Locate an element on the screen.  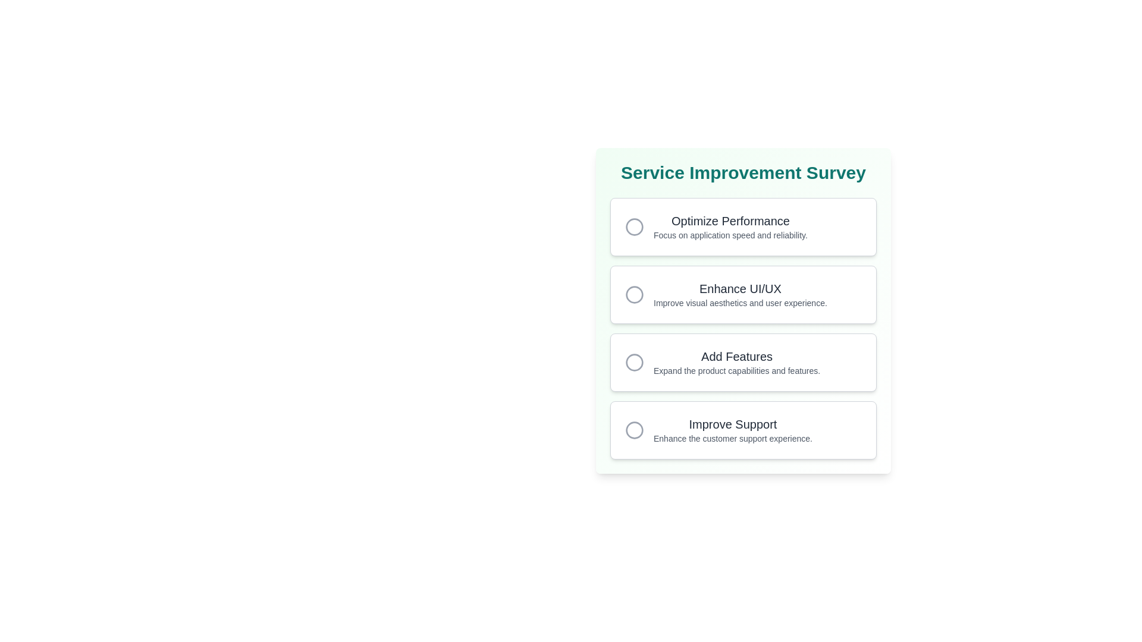
the circular graphical icon indicator for the 'Improve Support' option in the survey interface is located at coordinates (633, 430).